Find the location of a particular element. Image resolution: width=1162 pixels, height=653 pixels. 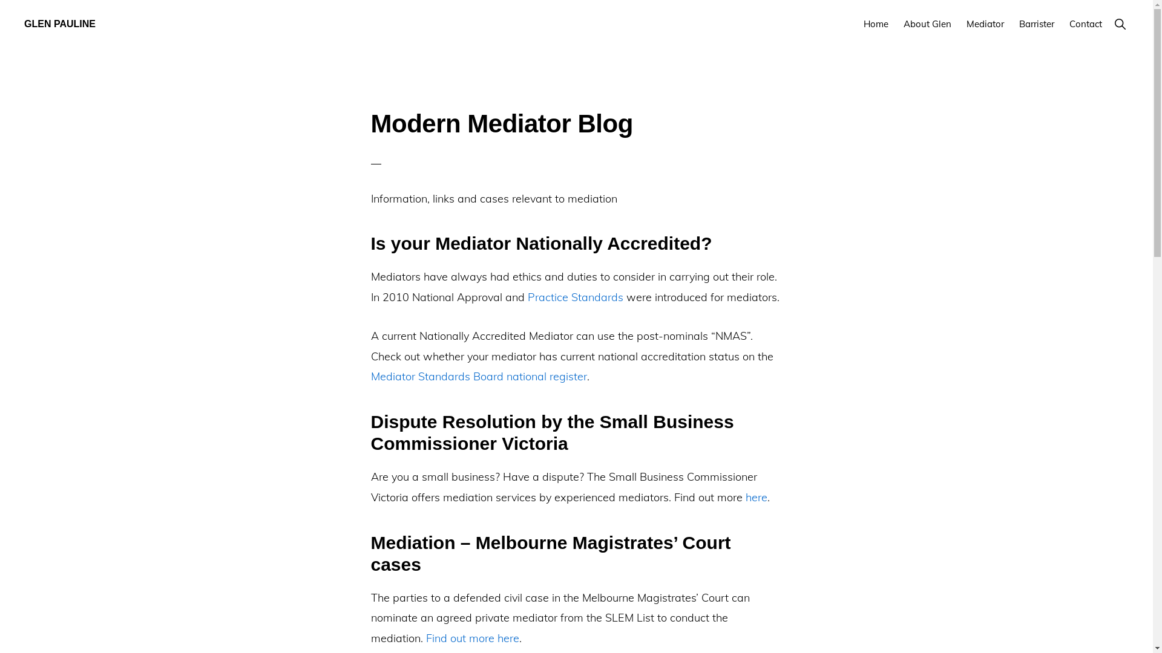

'About Glen' is located at coordinates (927, 24).